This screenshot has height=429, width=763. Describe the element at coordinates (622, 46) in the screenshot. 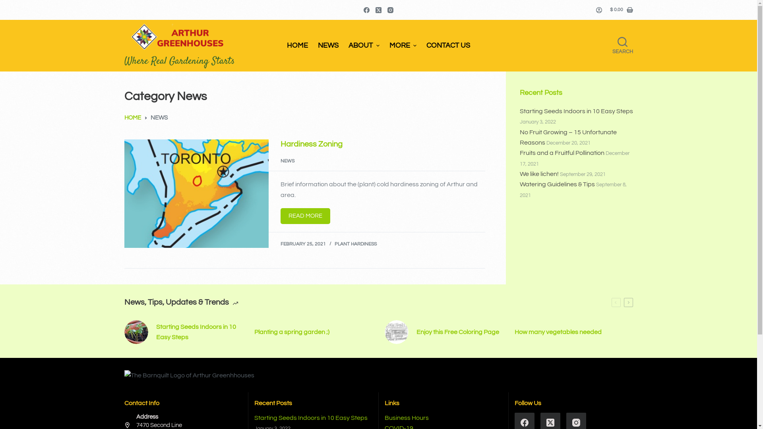

I see `'SEARCH'` at that location.